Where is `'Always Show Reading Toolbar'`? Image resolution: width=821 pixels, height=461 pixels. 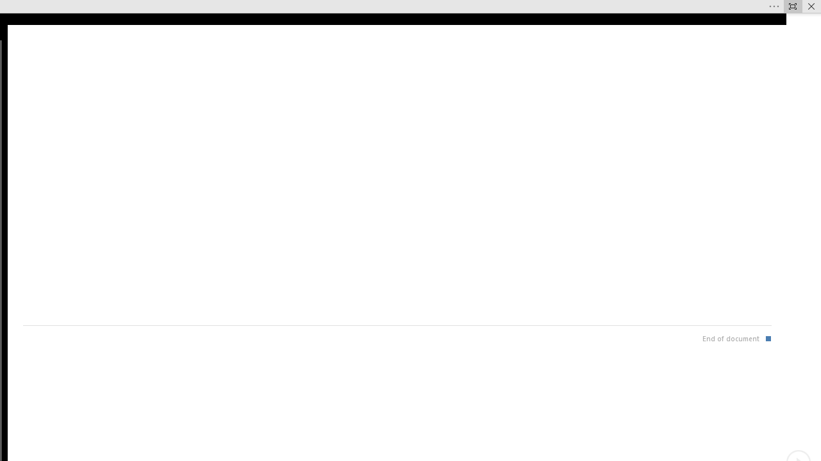
'Always Show Reading Toolbar' is located at coordinates (792, 6).